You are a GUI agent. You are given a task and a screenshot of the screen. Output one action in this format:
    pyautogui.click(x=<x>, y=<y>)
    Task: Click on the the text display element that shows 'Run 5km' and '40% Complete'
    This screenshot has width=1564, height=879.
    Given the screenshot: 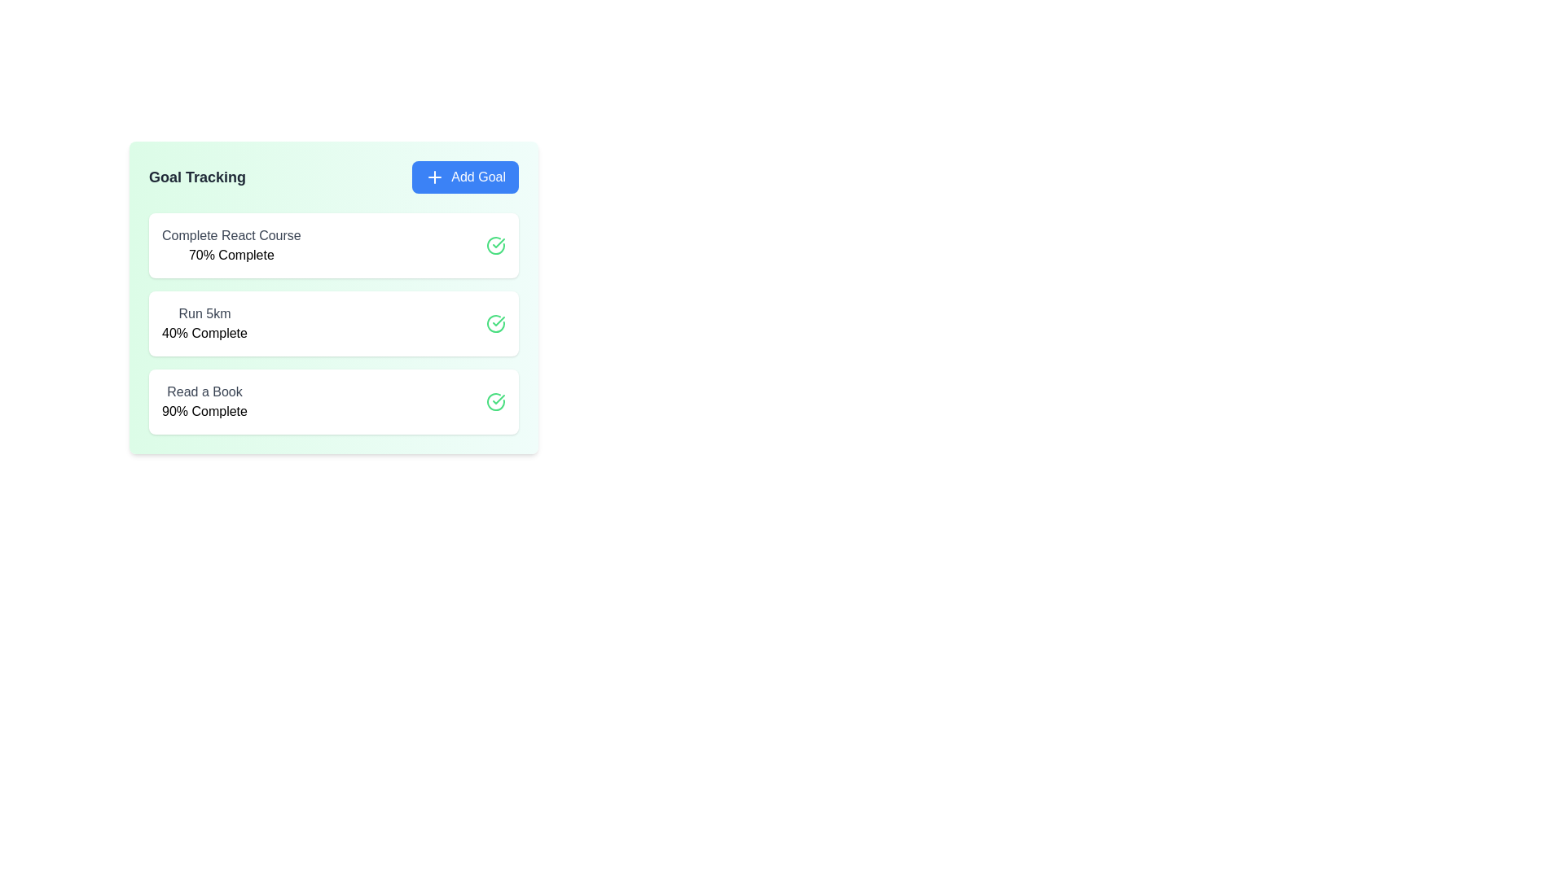 What is the action you would take?
    pyautogui.click(x=204, y=323)
    